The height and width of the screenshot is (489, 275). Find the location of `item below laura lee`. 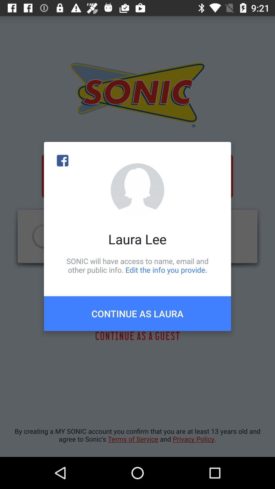

item below laura lee is located at coordinates (137, 265).